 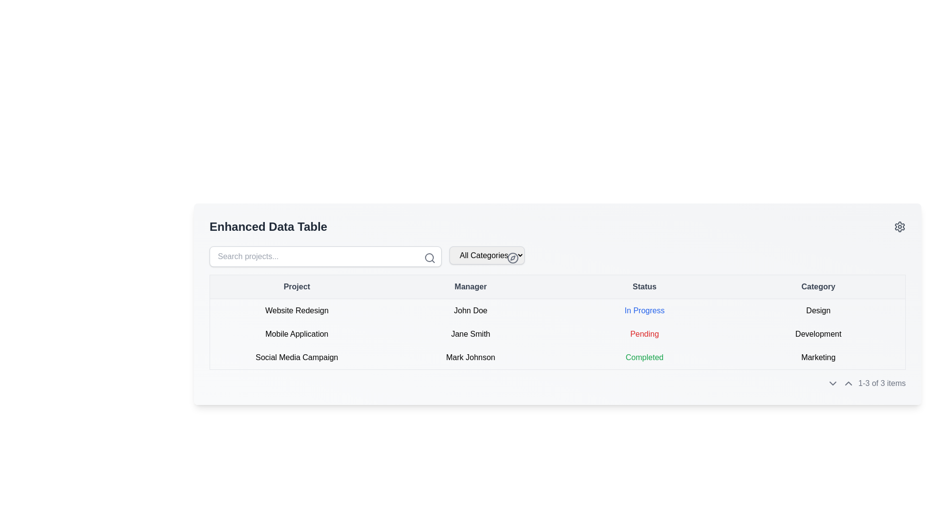 What do you see at coordinates (644, 358) in the screenshot?
I see `the Text Label that displays the completion status of the 'Social Media Campaign' project in the 'Status' column of the last row in the table` at bounding box center [644, 358].